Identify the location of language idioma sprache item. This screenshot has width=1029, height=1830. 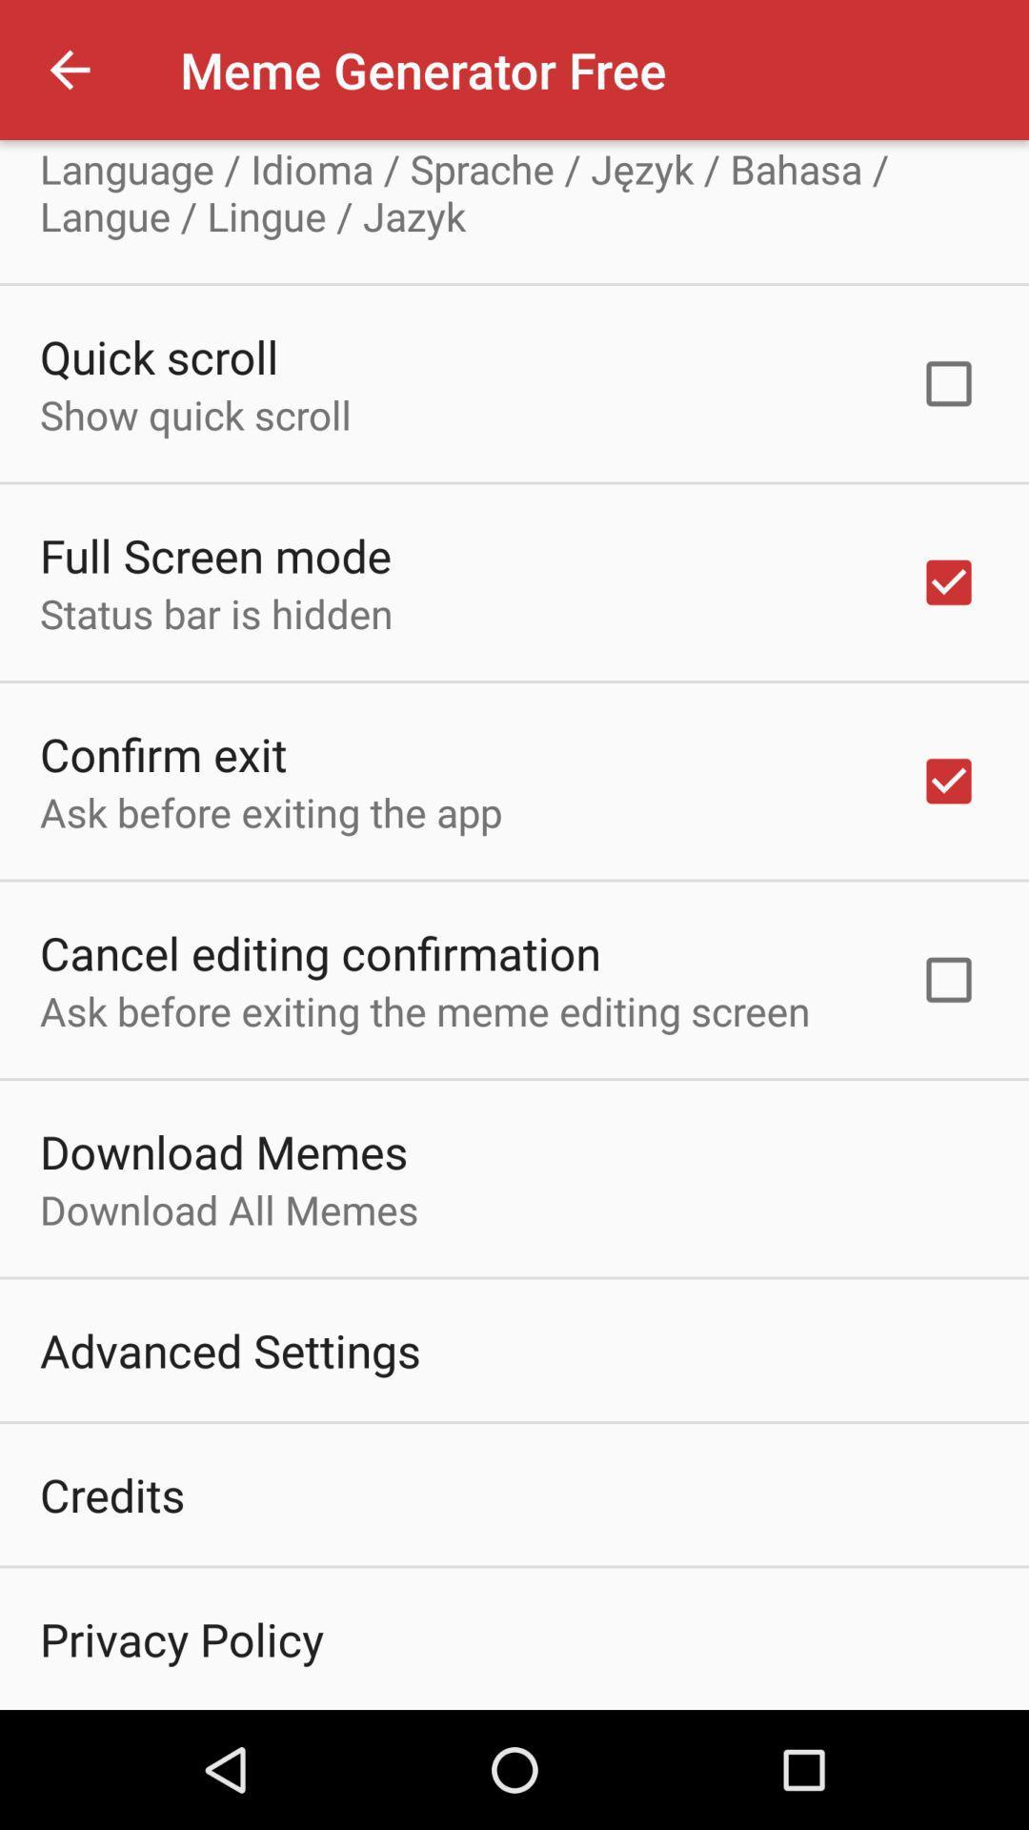
(514, 192).